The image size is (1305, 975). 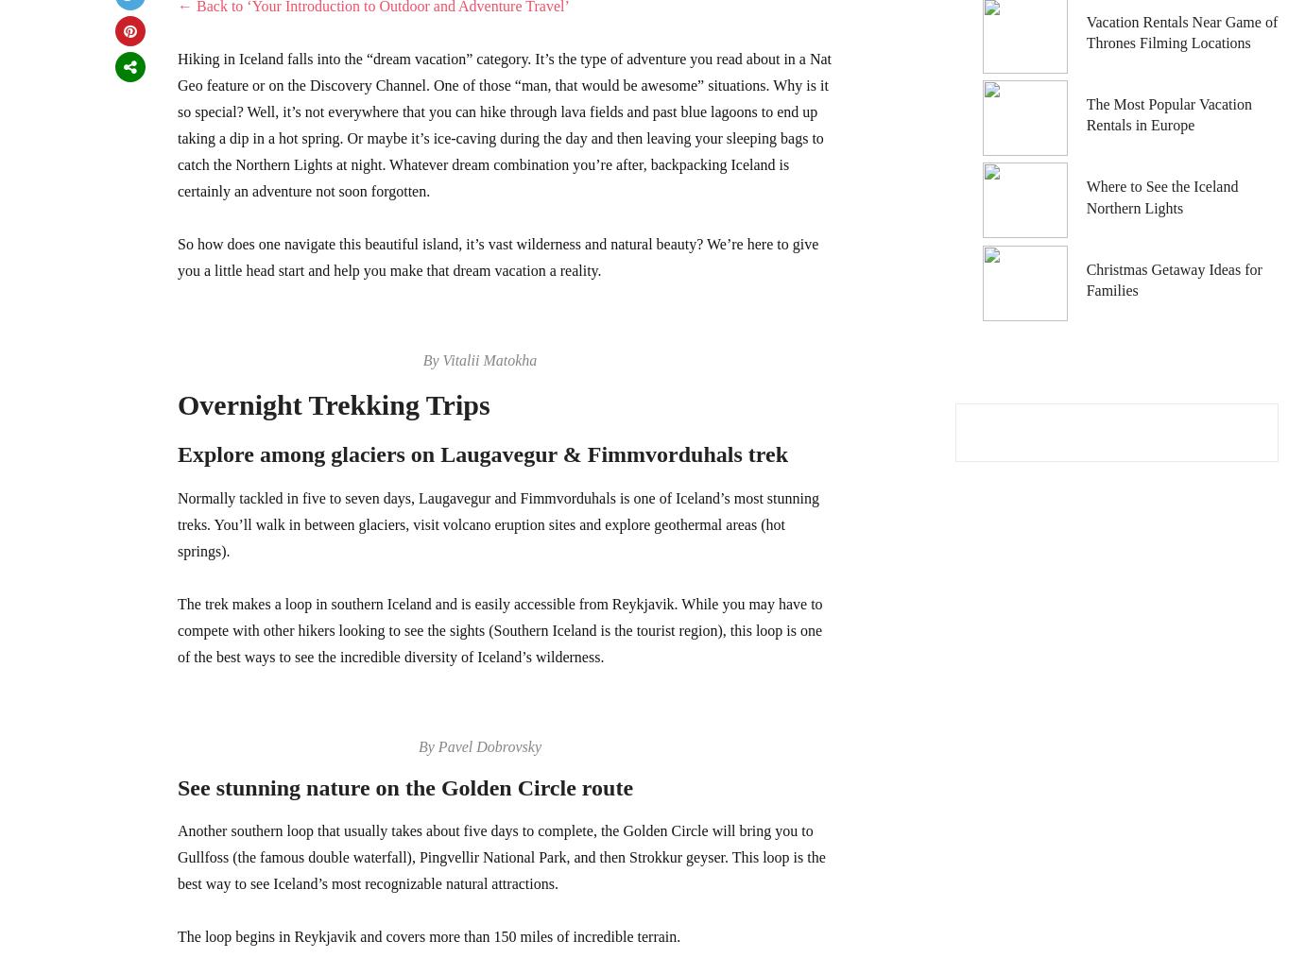 What do you see at coordinates (1002, 42) in the screenshot?
I see `'Iceland'` at bounding box center [1002, 42].